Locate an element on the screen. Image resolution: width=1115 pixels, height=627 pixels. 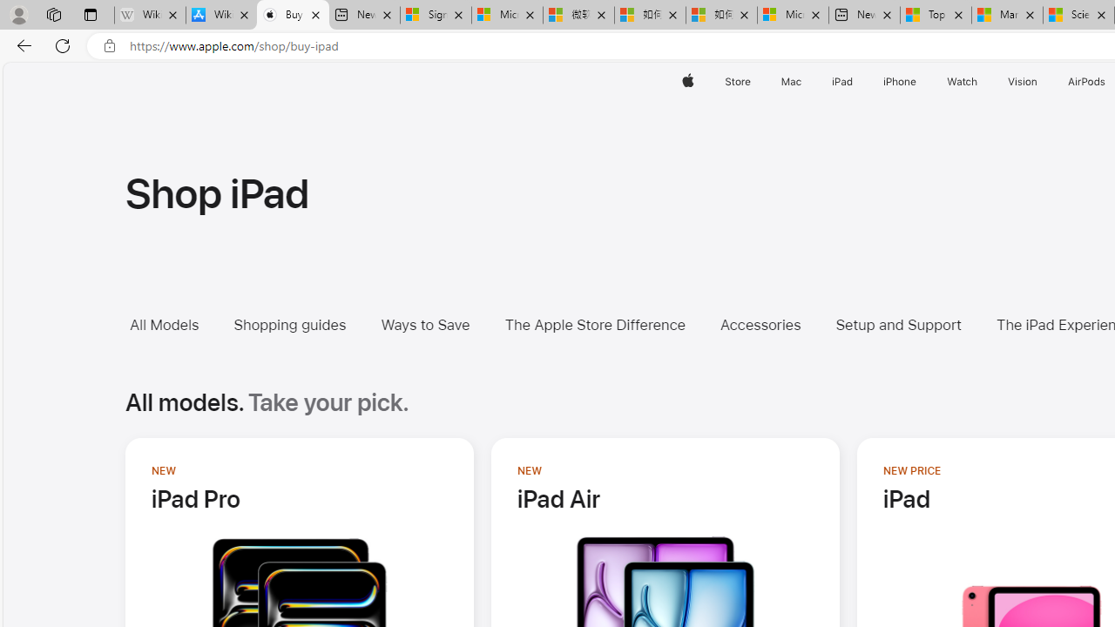
'iPhone' is located at coordinates (900, 81).